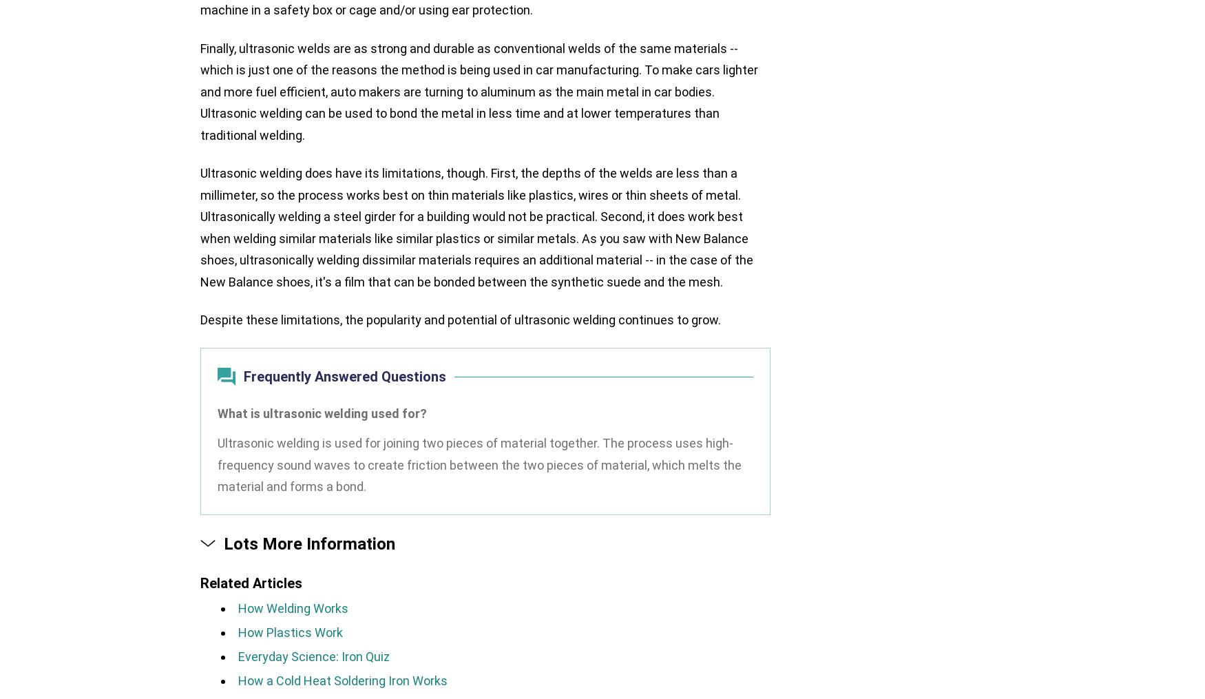  What do you see at coordinates (322, 412) in the screenshot?
I see `'What is ultrasonic welding used for?'` at bounding box center [322, 412].